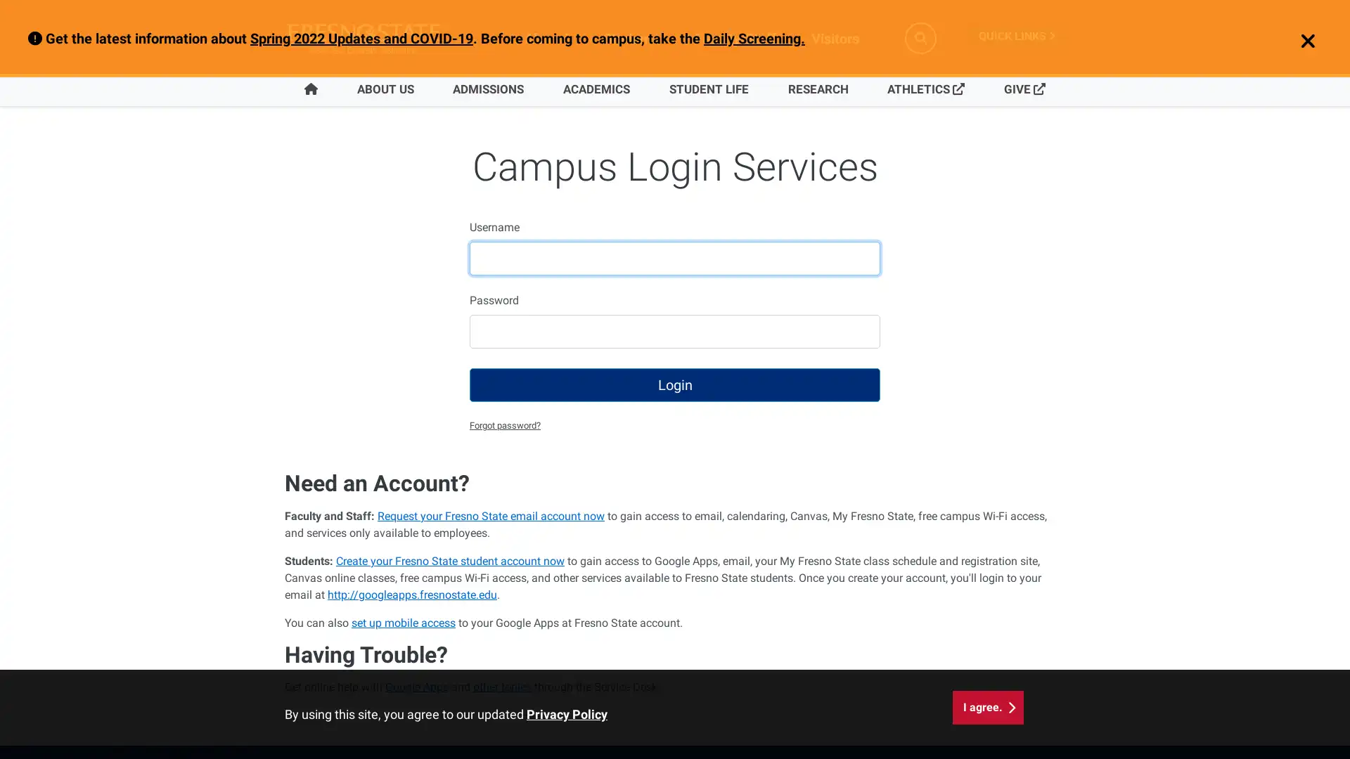 The width and height of the screenshot is (1350, 759). Describe the element at coordinates (567, 714) in the screenshot. I see `learn more about cookies` at that location.